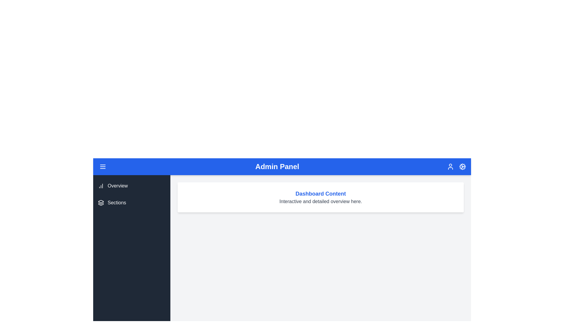 The image size is (579, 325). What do you see at coordinates (131, 185) in the screenshot?
I see `the menu item Overview to preview its interaction` at bounding box center [131, 185].